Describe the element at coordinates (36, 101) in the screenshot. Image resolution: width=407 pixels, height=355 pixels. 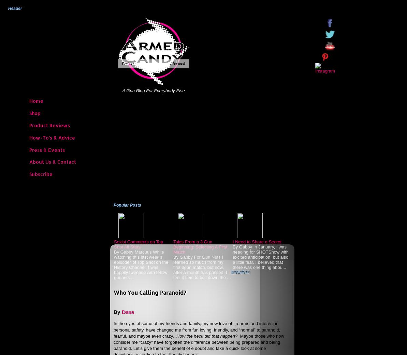
I see `'Home'` at that location.